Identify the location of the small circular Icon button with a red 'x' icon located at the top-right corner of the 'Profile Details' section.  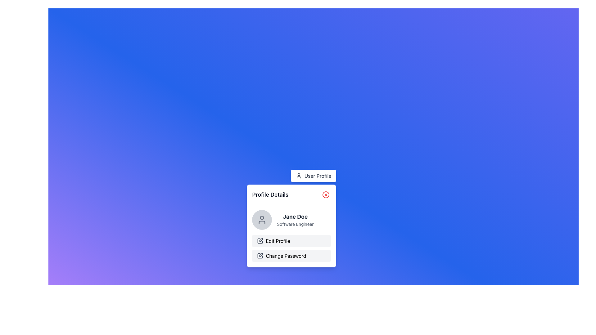
(326, 194).